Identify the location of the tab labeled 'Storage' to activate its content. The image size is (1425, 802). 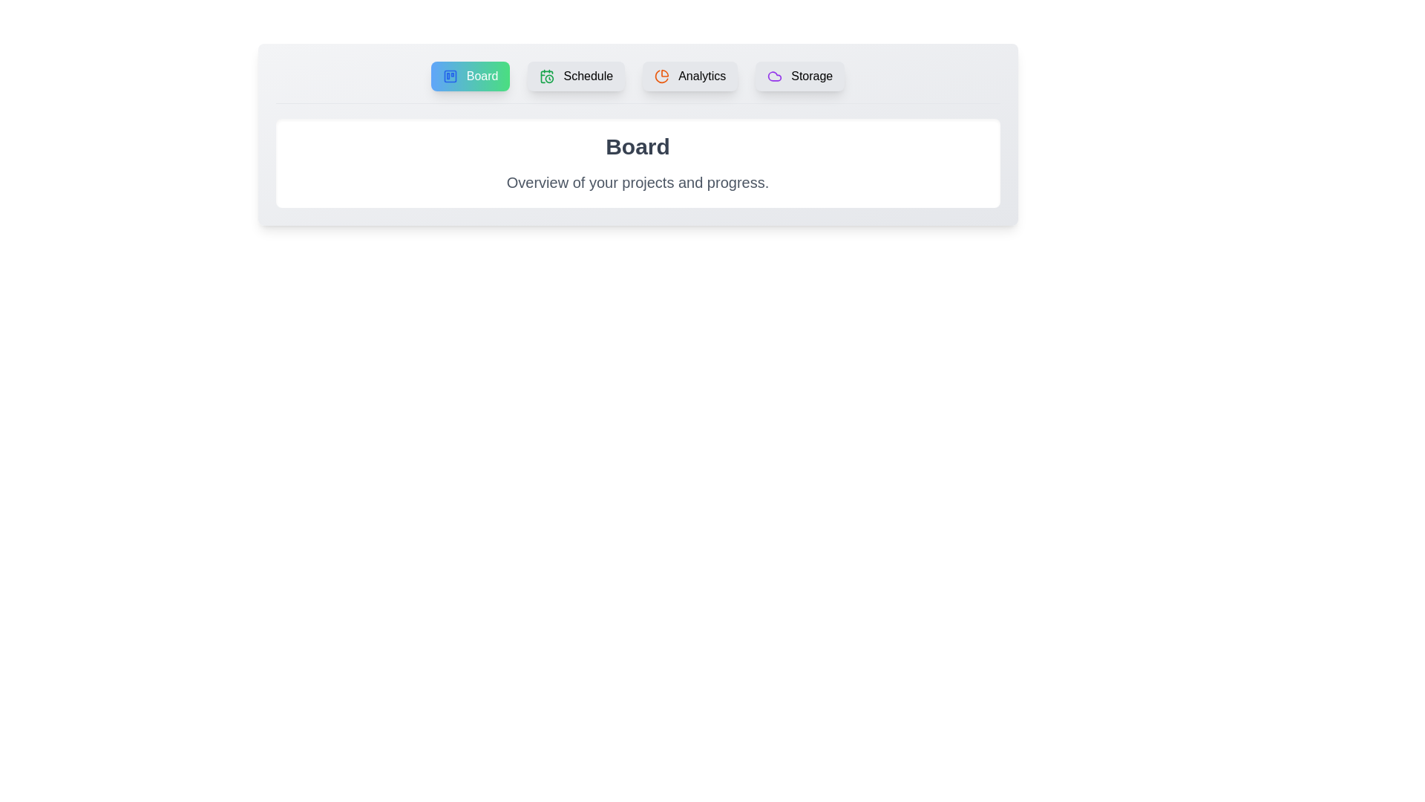
(799, 76).